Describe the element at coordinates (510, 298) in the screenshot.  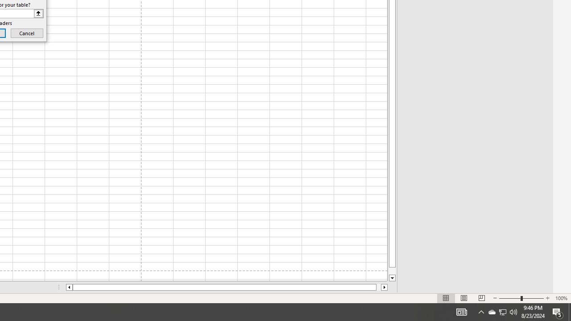
I see `'Zoom Out'` at that location.